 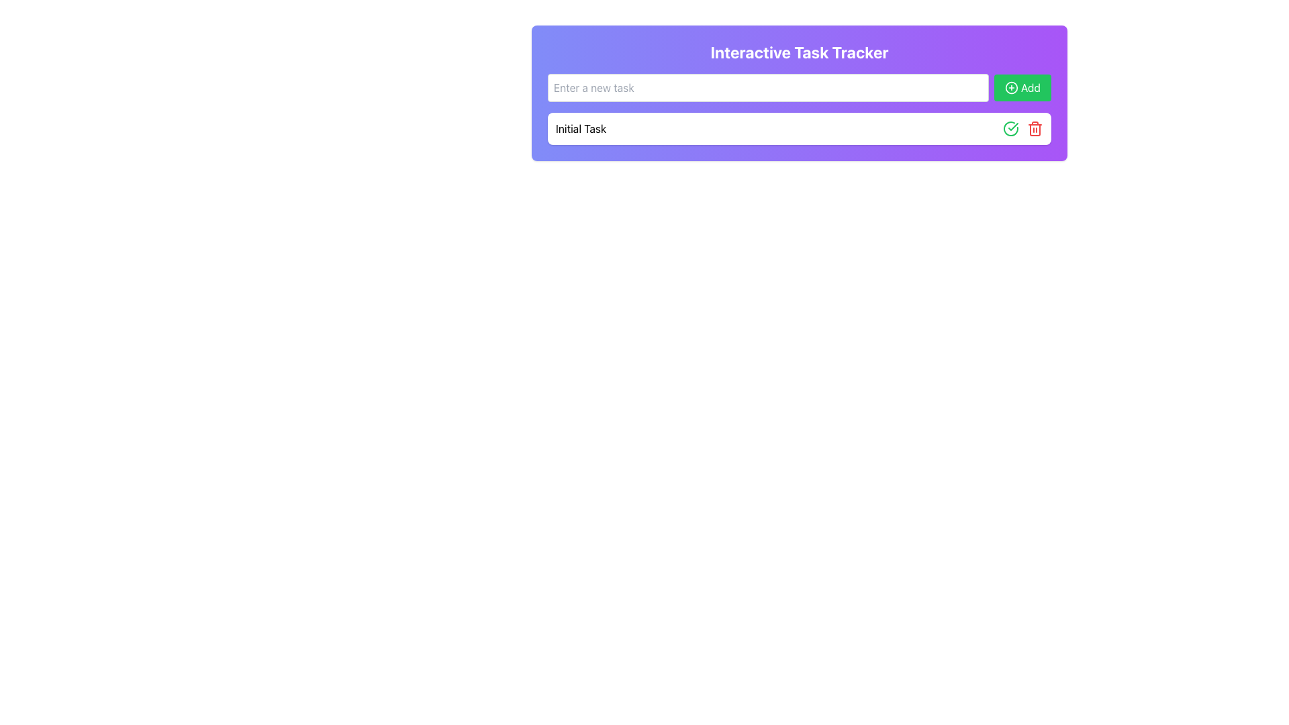 I want to click on the 'Add' icon located on the left side of the green 'Add' button in the task input section, so click(x=1012, y=88).